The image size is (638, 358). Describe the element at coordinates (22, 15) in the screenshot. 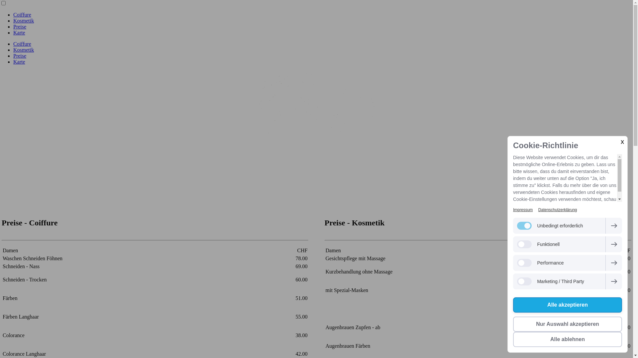

I see `'Coiffure'` at that location.